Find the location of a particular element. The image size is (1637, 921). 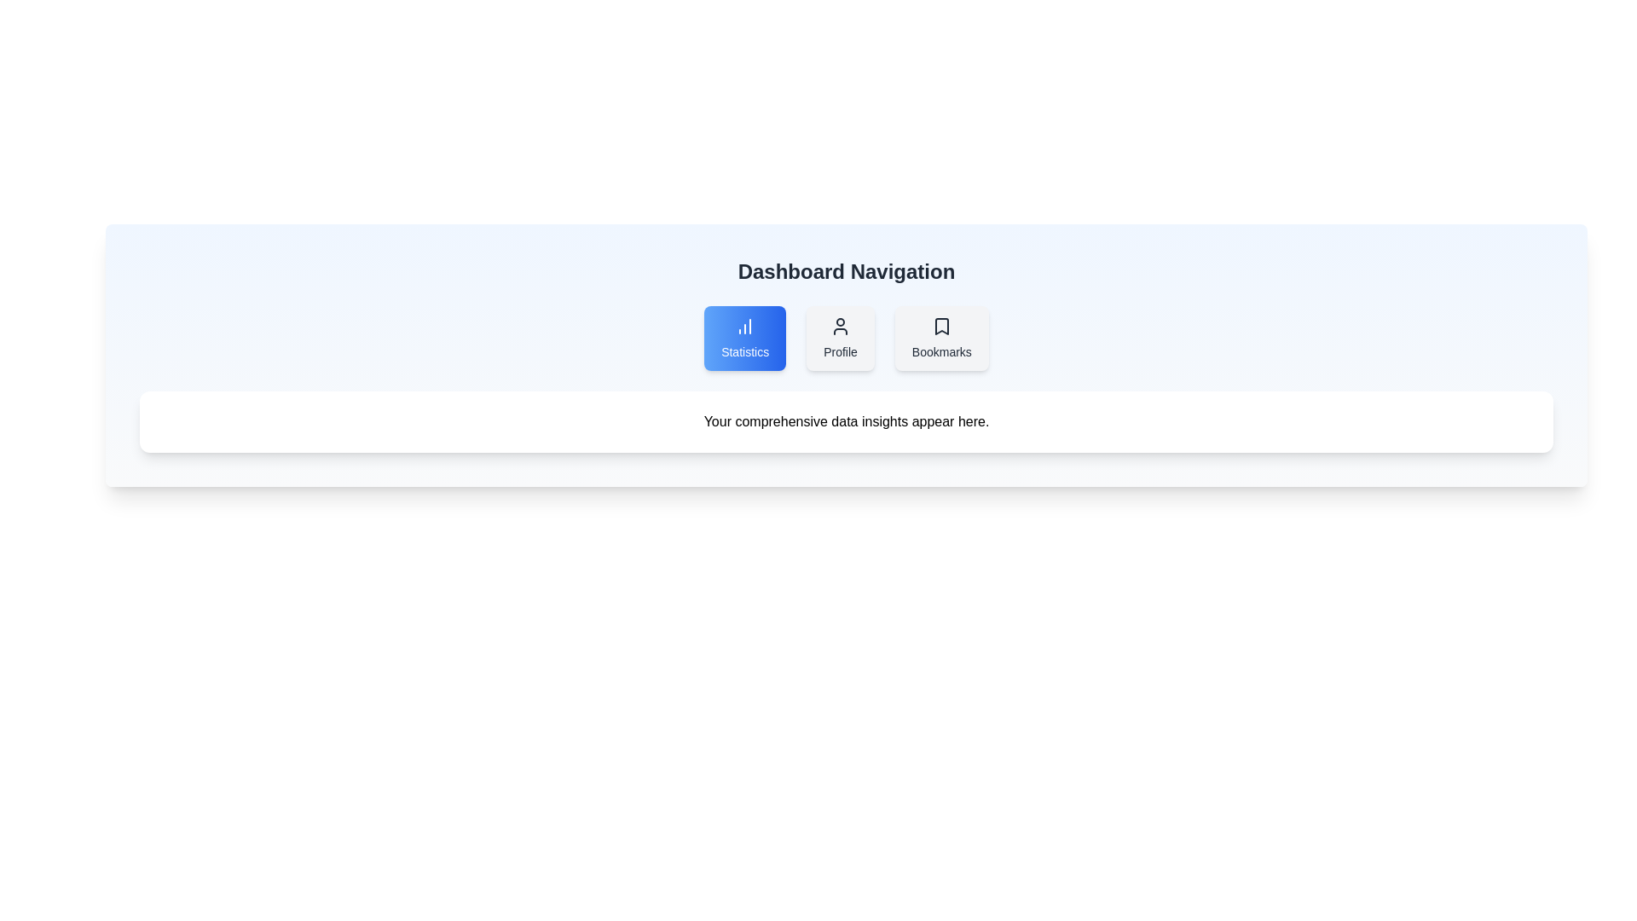

the middle button labeled 'Profile' in the central navigation bar of the 'Dashboard Navigation' panel is located at coordinates (847, 339).